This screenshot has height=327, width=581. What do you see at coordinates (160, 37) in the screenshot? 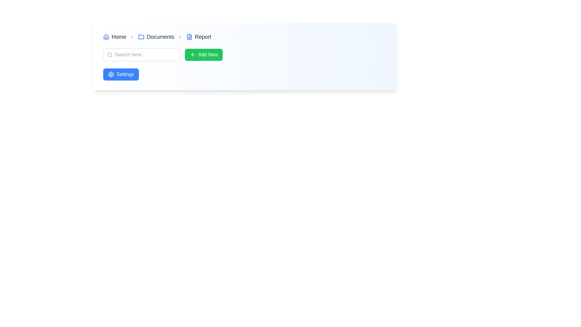
I see `the 'Documents' text label in the breadcrumb navigation trail, positioned between 'Home' and 'Report', with a folder icon to its left` at bounding box center [160, 37].